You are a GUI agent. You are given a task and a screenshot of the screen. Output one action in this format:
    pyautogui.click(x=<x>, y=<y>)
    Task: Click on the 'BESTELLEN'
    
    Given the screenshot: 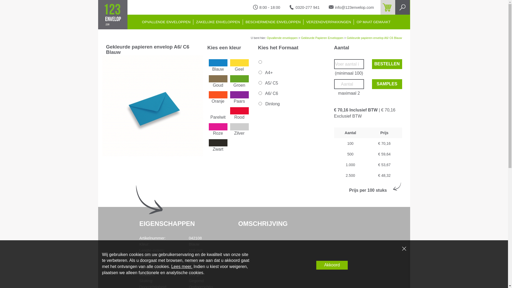 What is the action you would take?
    pyautogui.click(x=387, y=64)
    